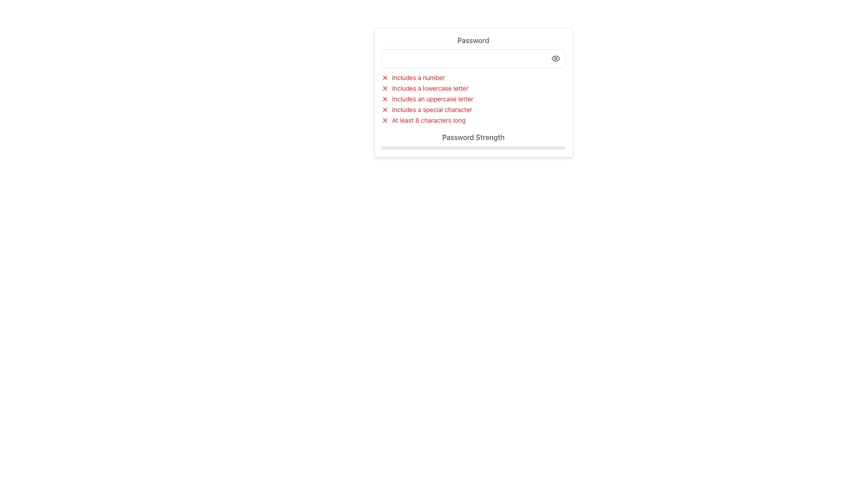 This screenshot has width=853, height=480. I want to click on the eye icon that toggles the visibility of the password input, located at the rightmost section of the password field, so click(555, 58).